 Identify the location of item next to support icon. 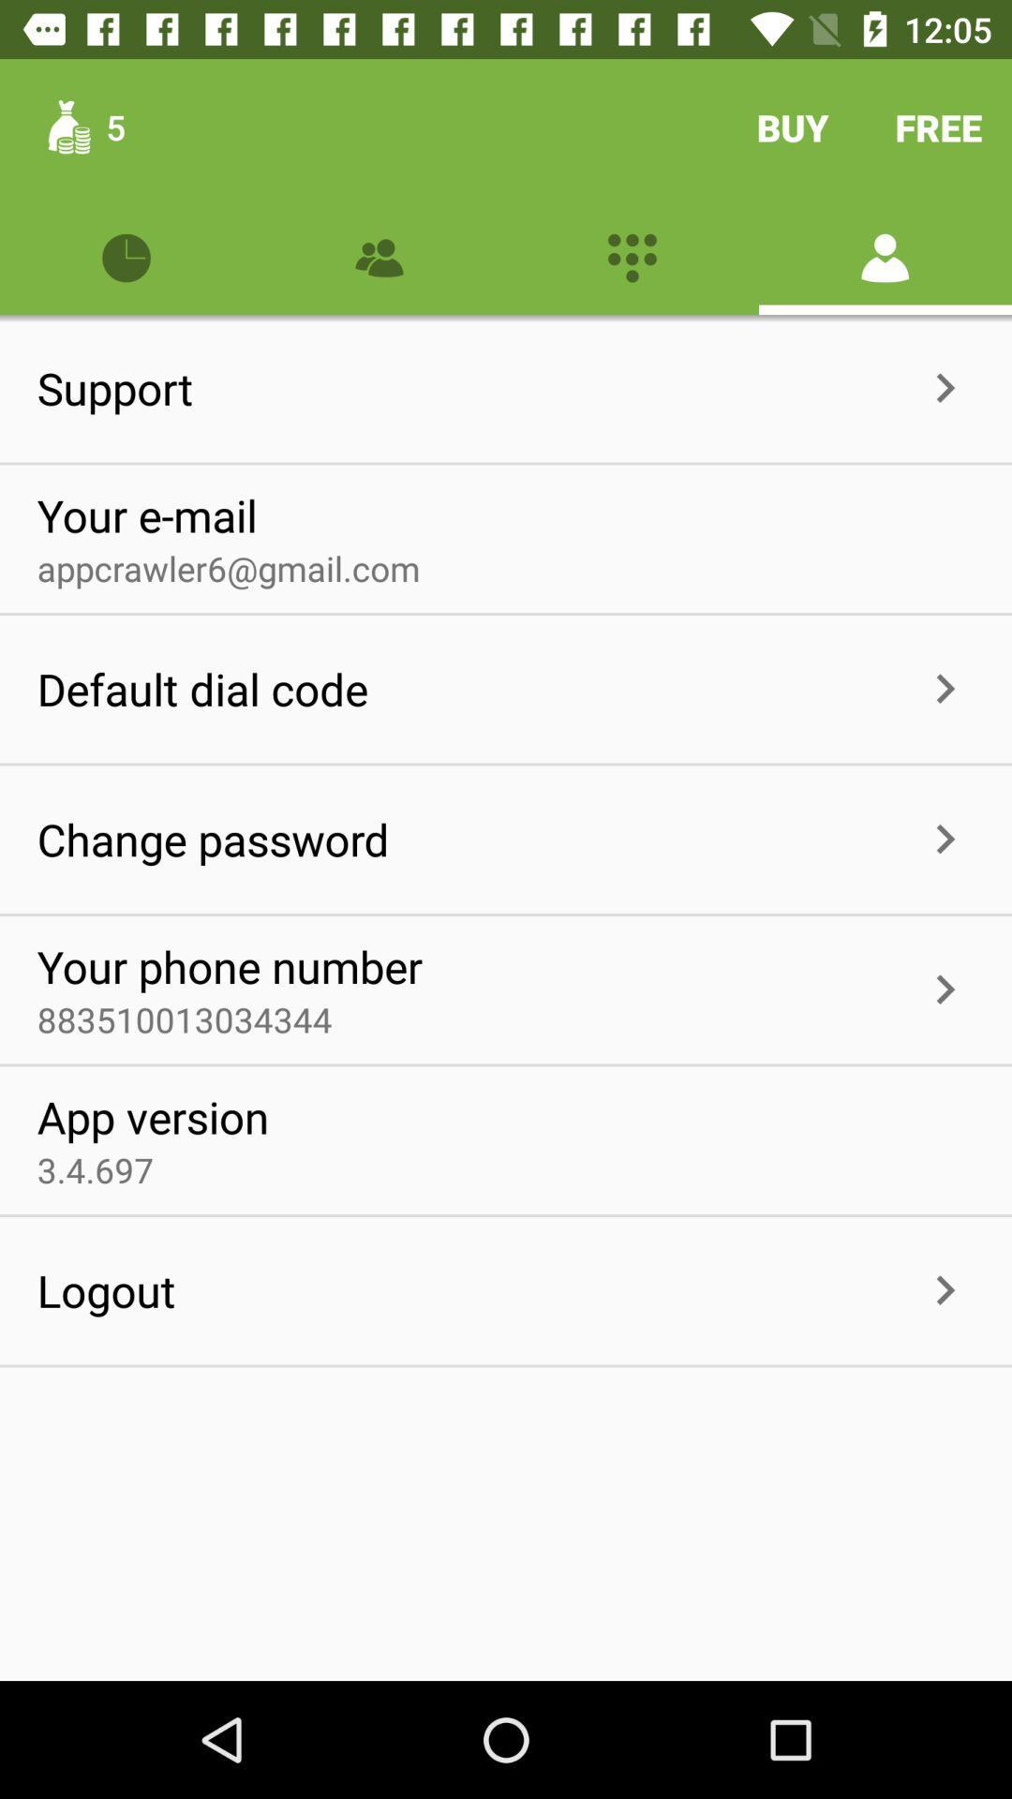
(553, 387).